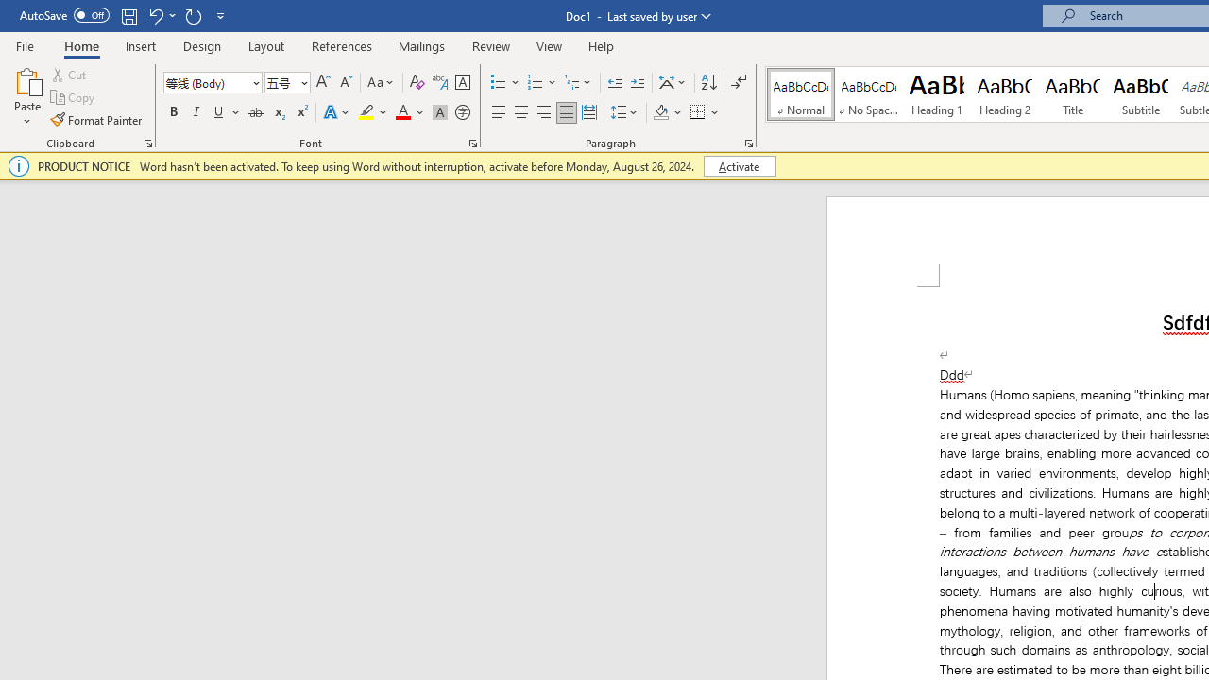  I want to click on 'Font Color RGB(255, 0, 0)', so click(401, 112).